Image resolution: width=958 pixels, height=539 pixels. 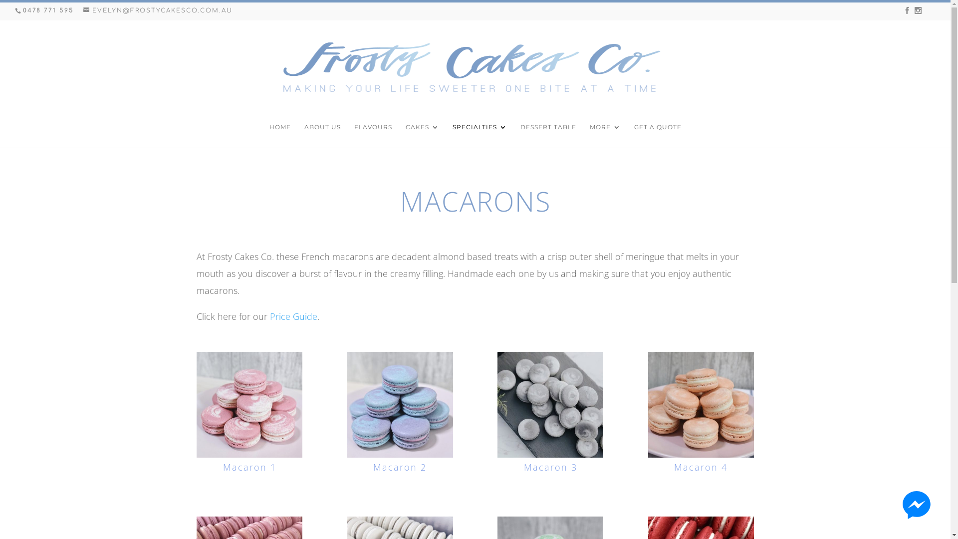 I want to click on 'HOME', so click(x=279, y=136).